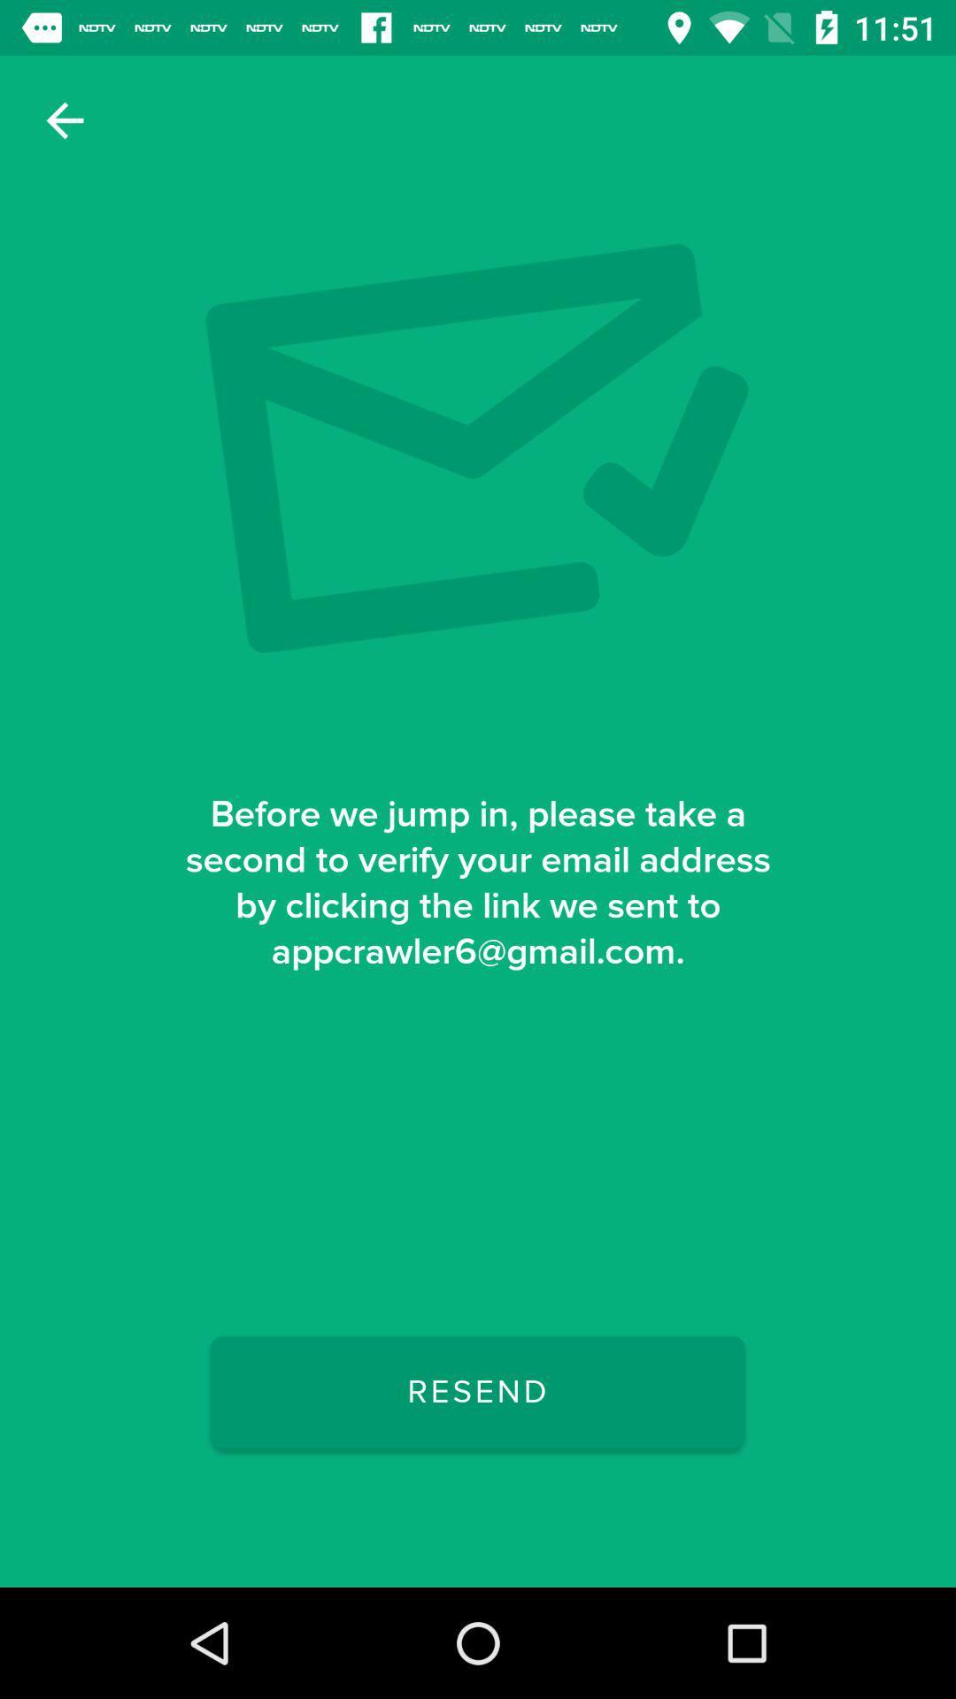  I want to click on the resend icon, so click(476, 1391).